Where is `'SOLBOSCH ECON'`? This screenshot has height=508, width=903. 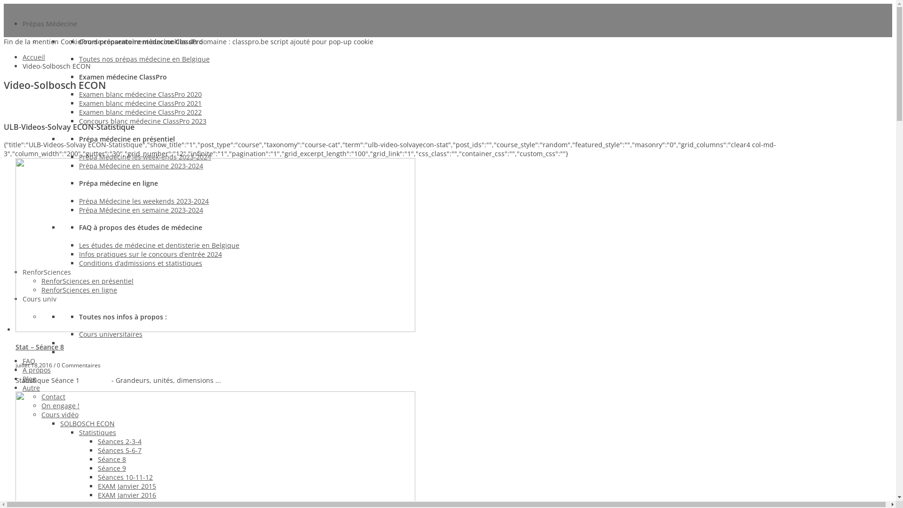 'SOLBOSCH ECON' is located at coordinates (87, 423).